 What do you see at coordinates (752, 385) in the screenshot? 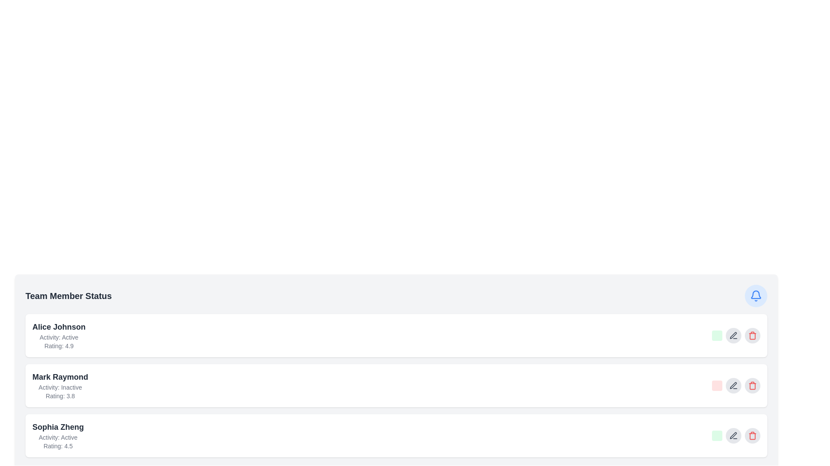
I see `the trash bin icon button located at the far right of the second row in the list of actions associated with the user named 'Mark Raymond'` at bounding box center [752, 385].